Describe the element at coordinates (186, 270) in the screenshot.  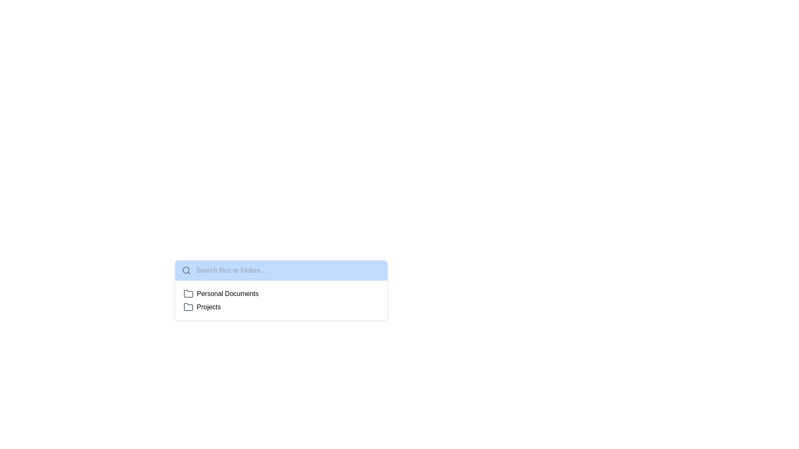
I see `the graphical element that is part of the search icon, which serves as a visual cue for search functionality` at that location.